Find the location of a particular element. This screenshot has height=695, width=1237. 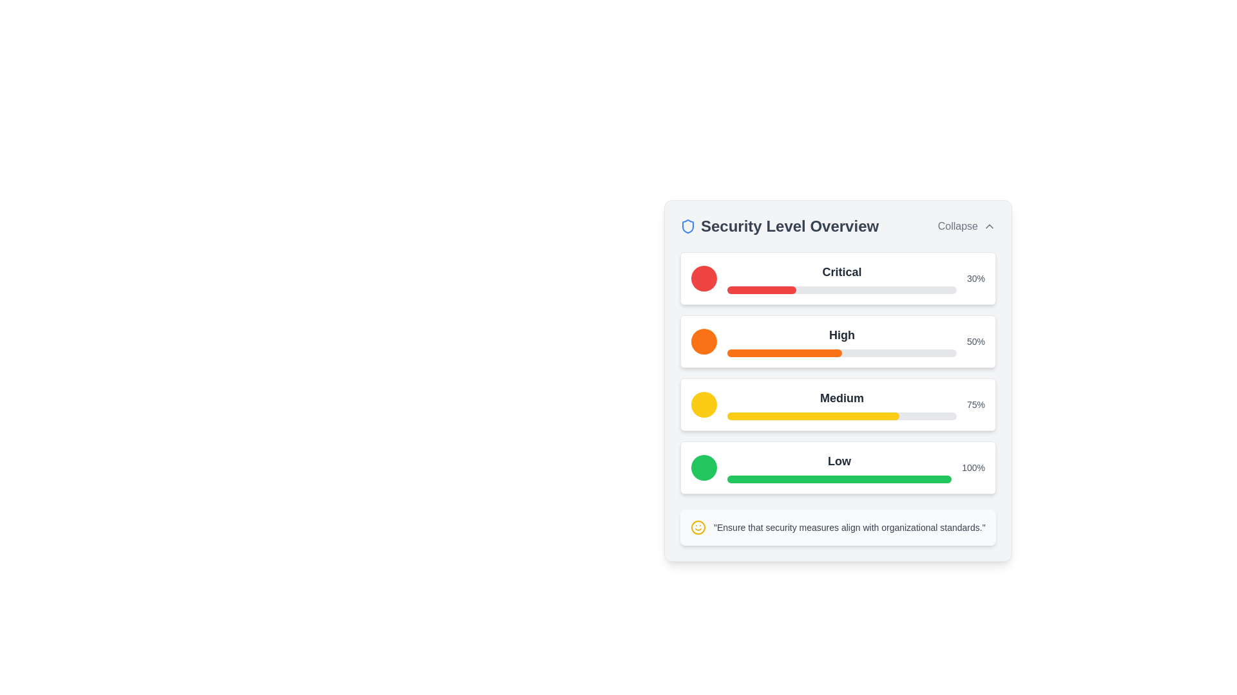

the red horizontal progress bar in the 'Security Level Overview' panel if it is interactive is located at coordinates (762, 290).